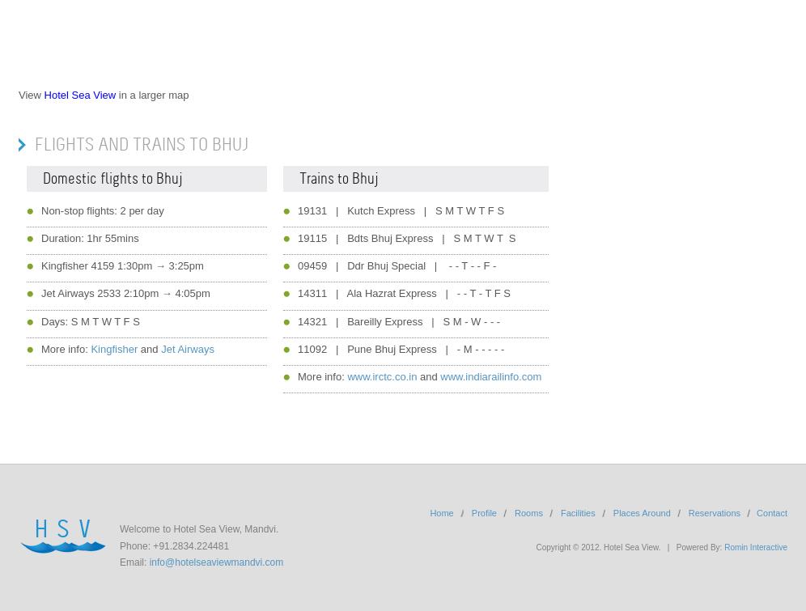 This screenshot has height=611, width=806. What do you see at coordinates (771, 511) in the screenshot?
I see `'Contact'` at bounding box center [771, 511].